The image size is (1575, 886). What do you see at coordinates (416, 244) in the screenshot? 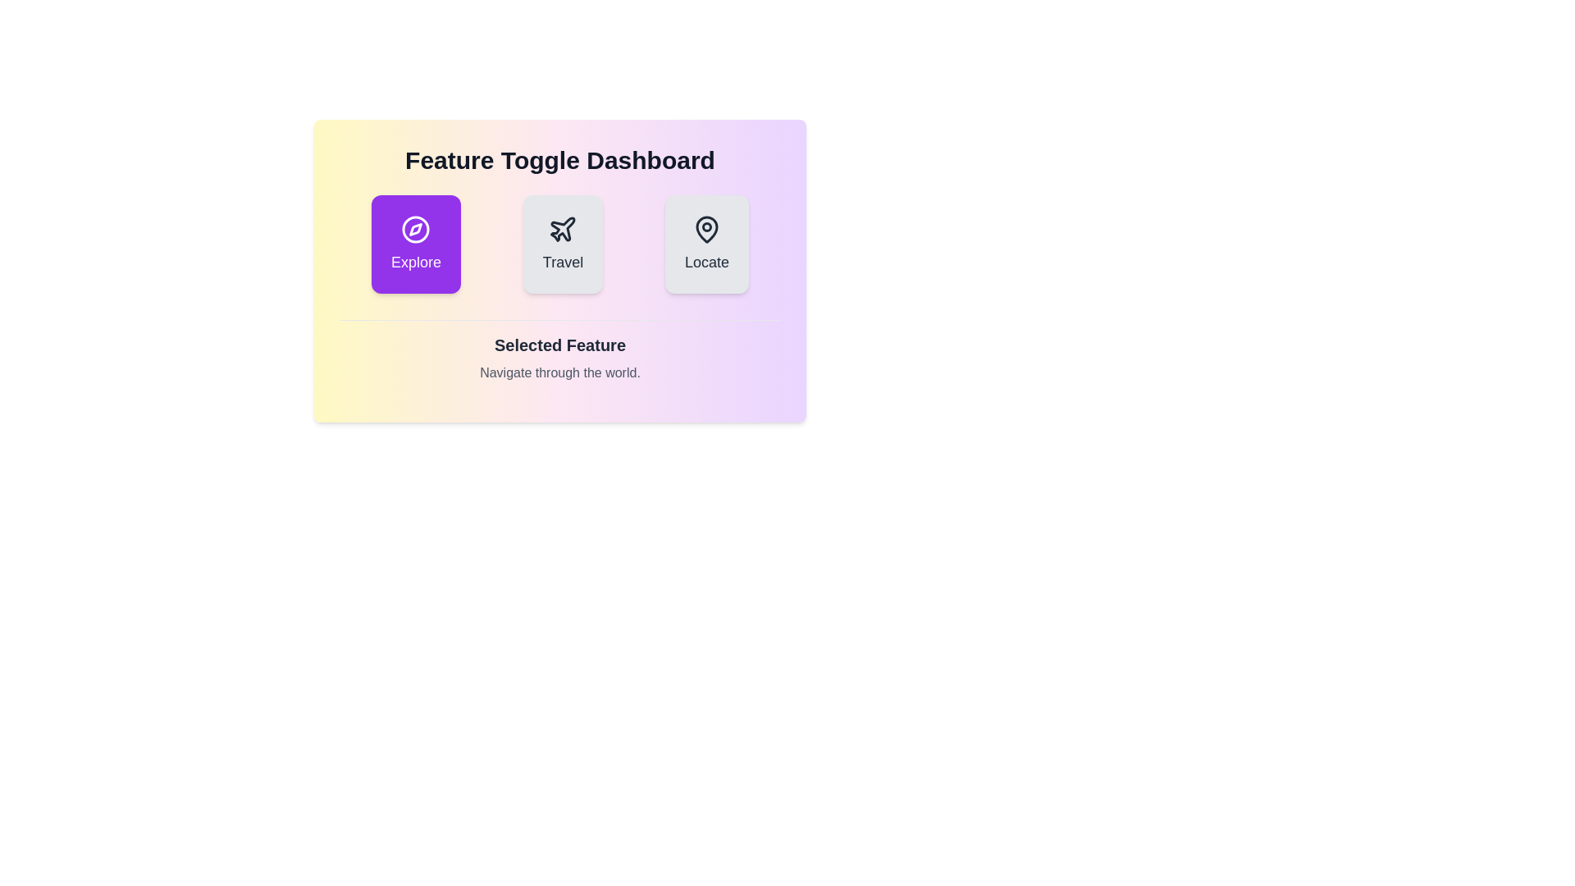
I see `the button corresponding to the feature Explore` at bounding box center [416, 244].